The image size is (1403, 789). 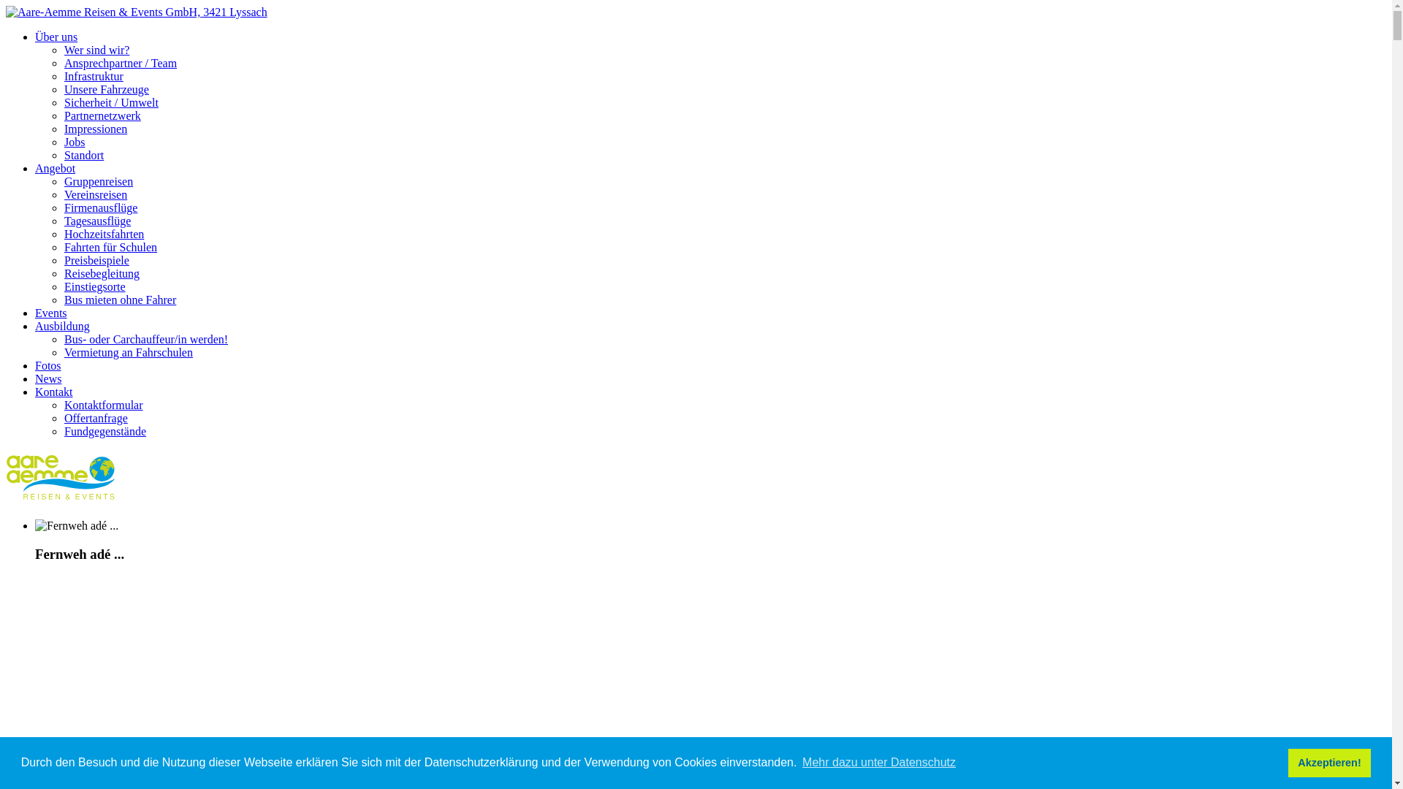 What do you see at coordinates (48, 365) in the screenshot?
I see `'Fotos'` at bounding box center [48, 365].